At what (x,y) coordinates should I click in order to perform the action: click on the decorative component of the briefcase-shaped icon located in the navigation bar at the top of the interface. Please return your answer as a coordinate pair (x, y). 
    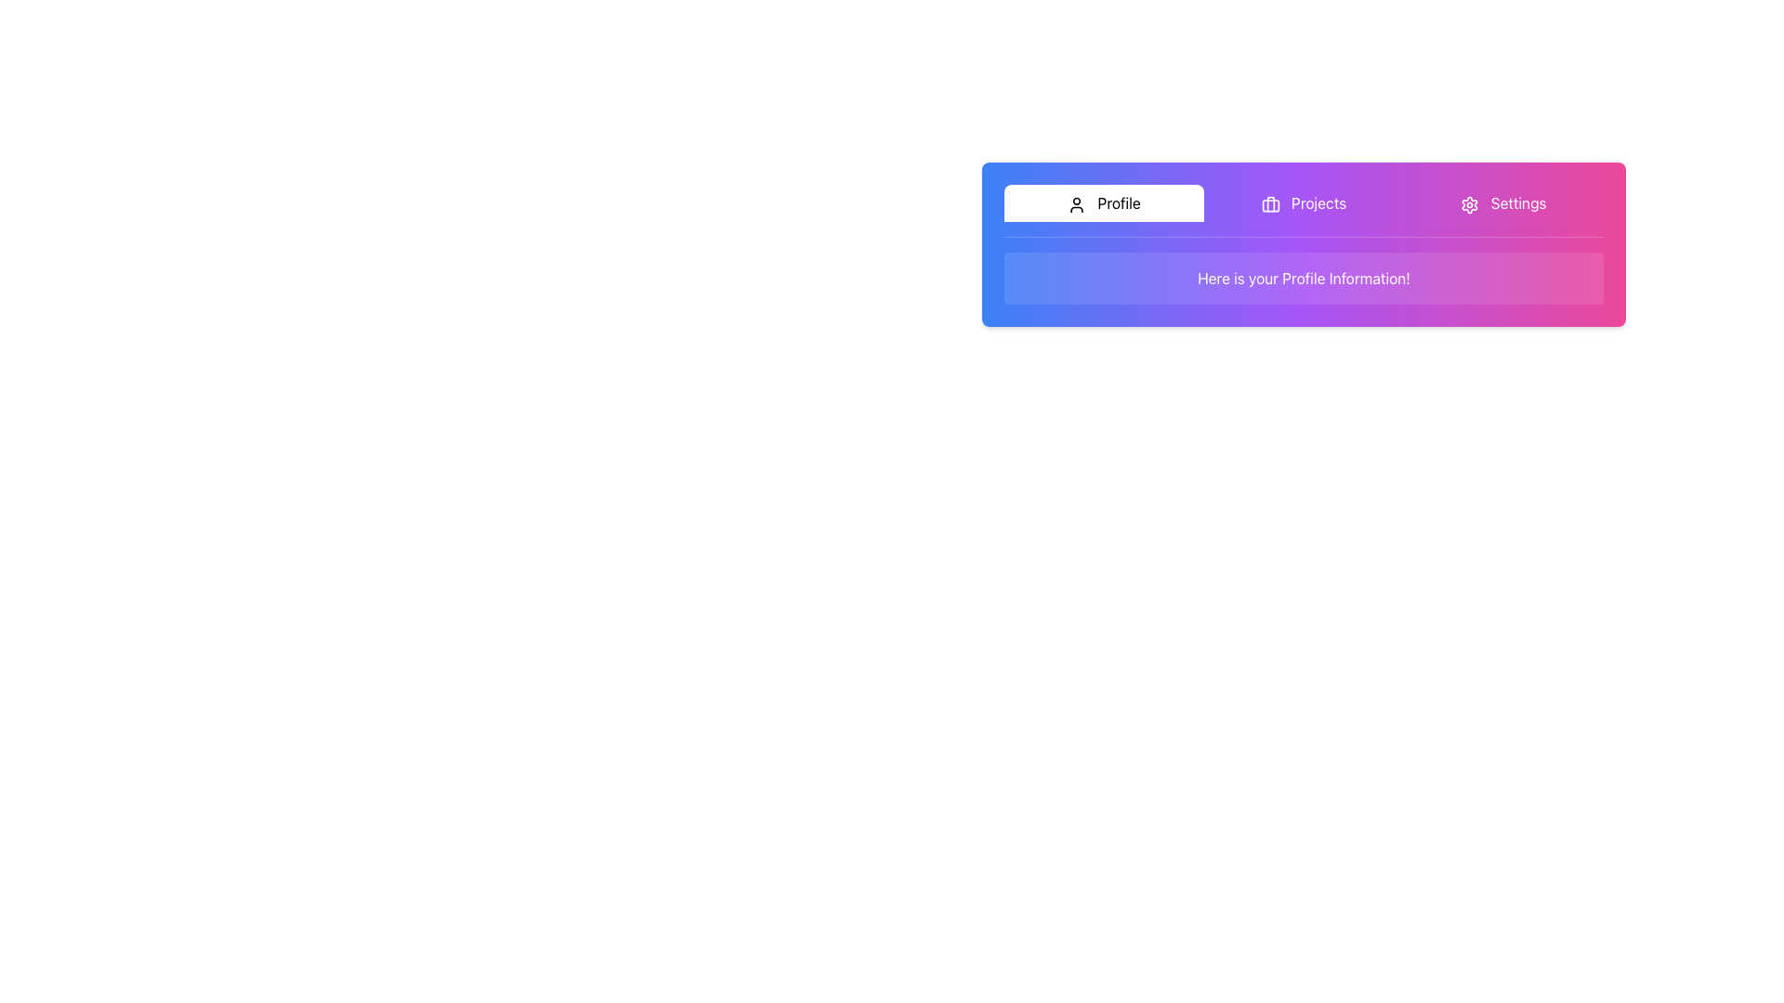
    Looking at the image, I should click on (1269, 205).